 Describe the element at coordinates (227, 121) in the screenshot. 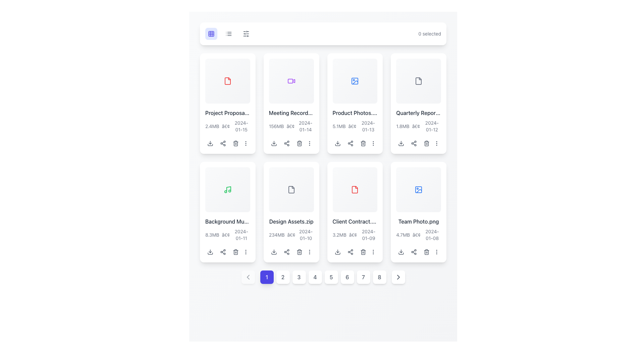

I see `text block displaying 'Project Proposal.pdf' located in the first column of the second row in the grid layout` at that location.